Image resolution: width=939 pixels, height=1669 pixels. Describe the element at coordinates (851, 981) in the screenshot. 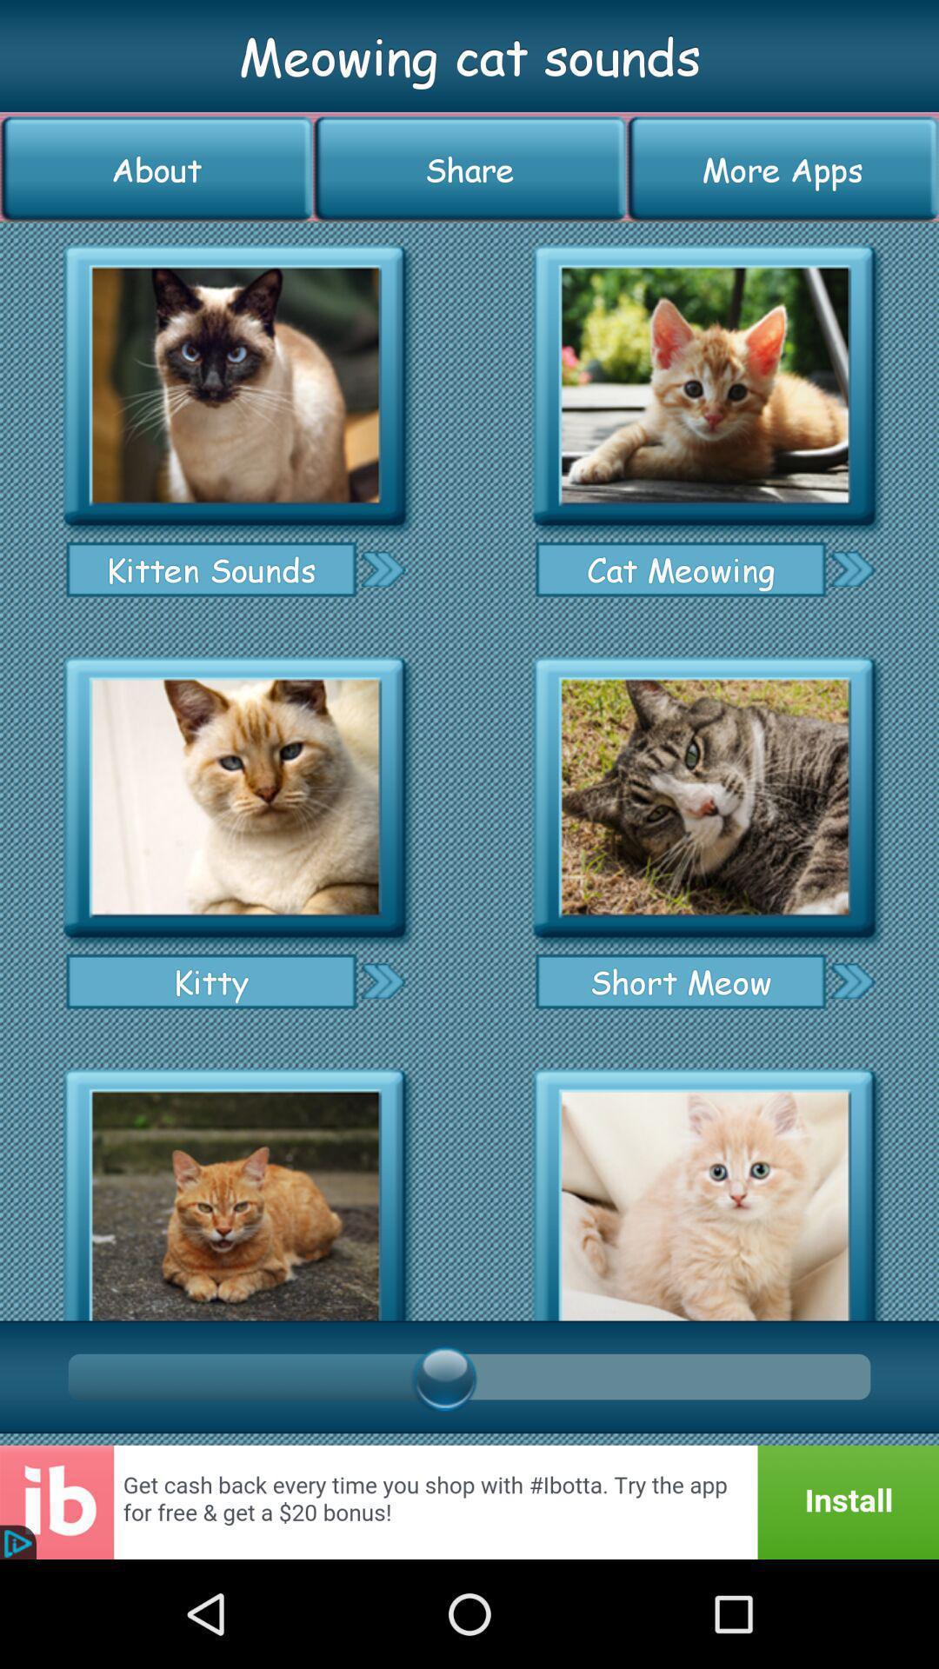

I see `next option` at that location.